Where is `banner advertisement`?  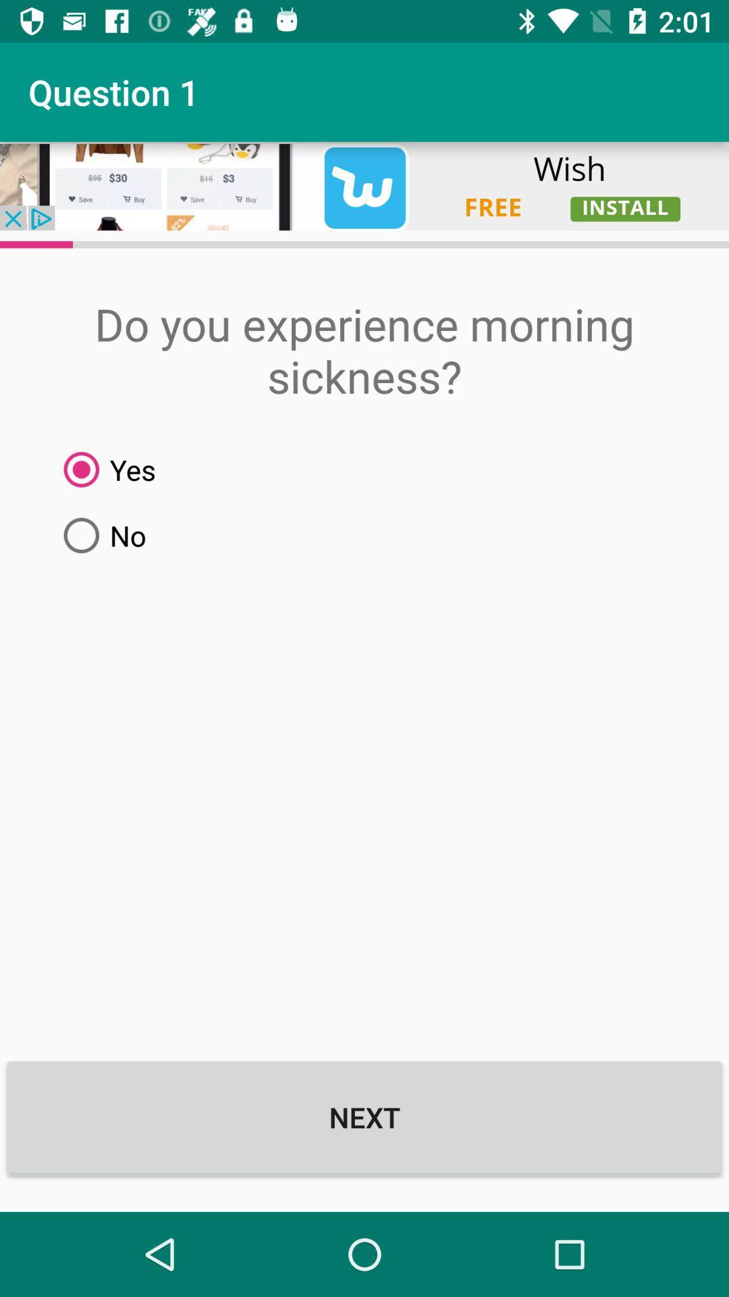 banner advertisement is located at coordinates (364, 185).